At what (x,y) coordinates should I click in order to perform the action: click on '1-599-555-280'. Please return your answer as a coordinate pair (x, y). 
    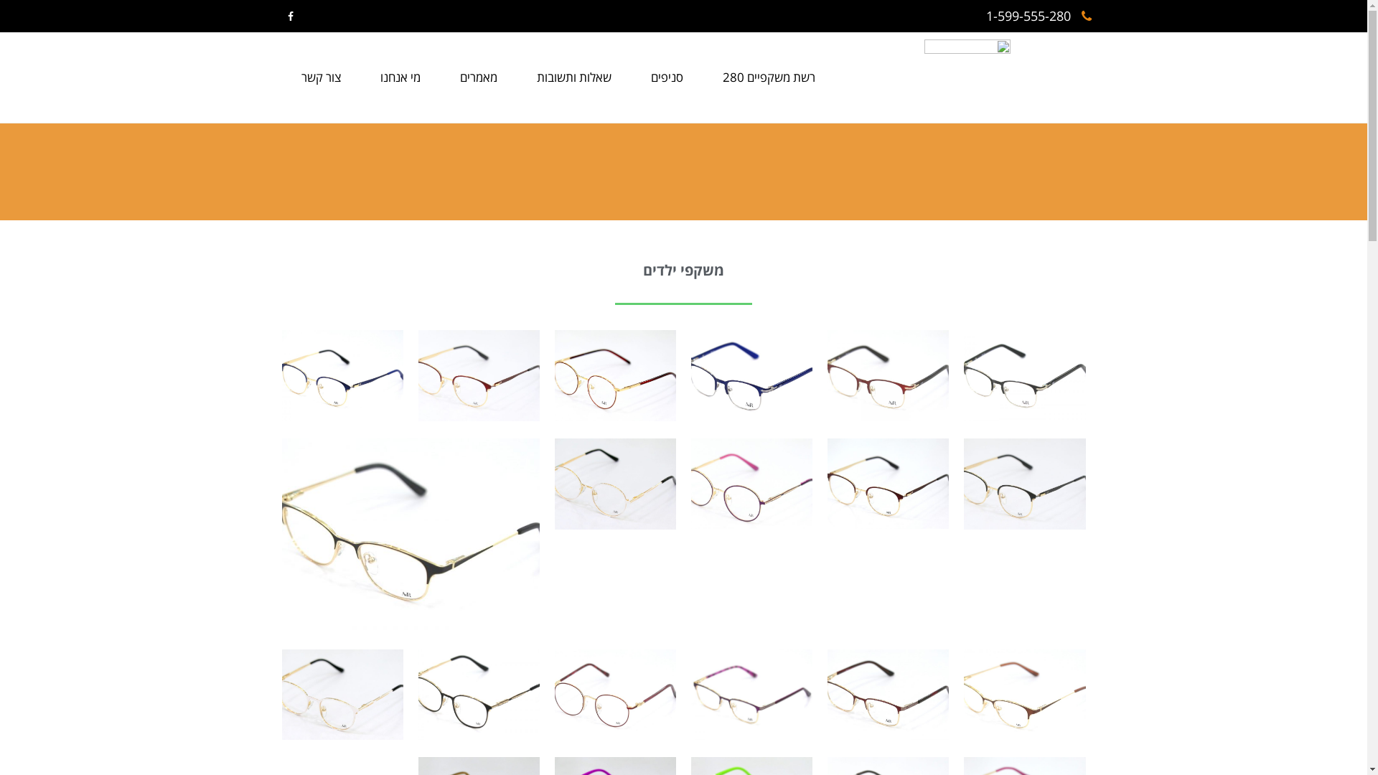
    Looking at the image, I should click on (985, 16).